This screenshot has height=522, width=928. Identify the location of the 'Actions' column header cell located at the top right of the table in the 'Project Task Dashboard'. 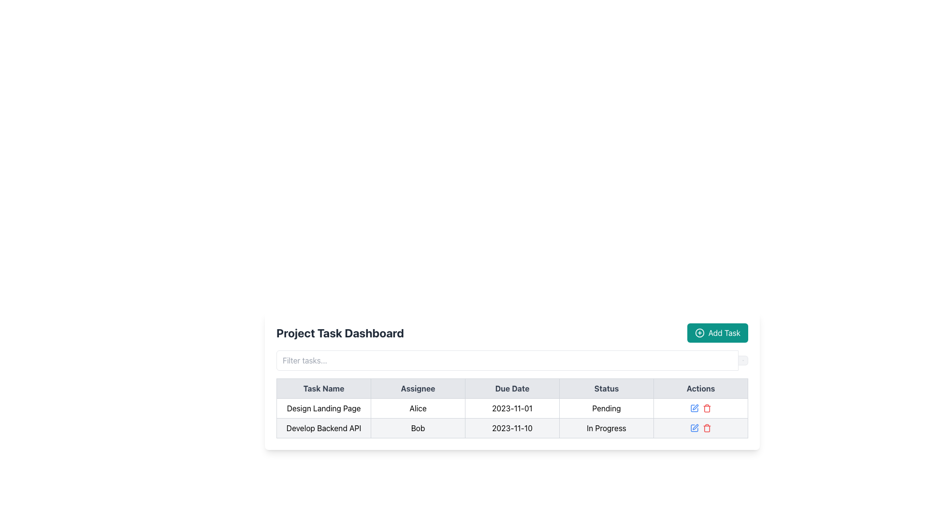
(700, 388).